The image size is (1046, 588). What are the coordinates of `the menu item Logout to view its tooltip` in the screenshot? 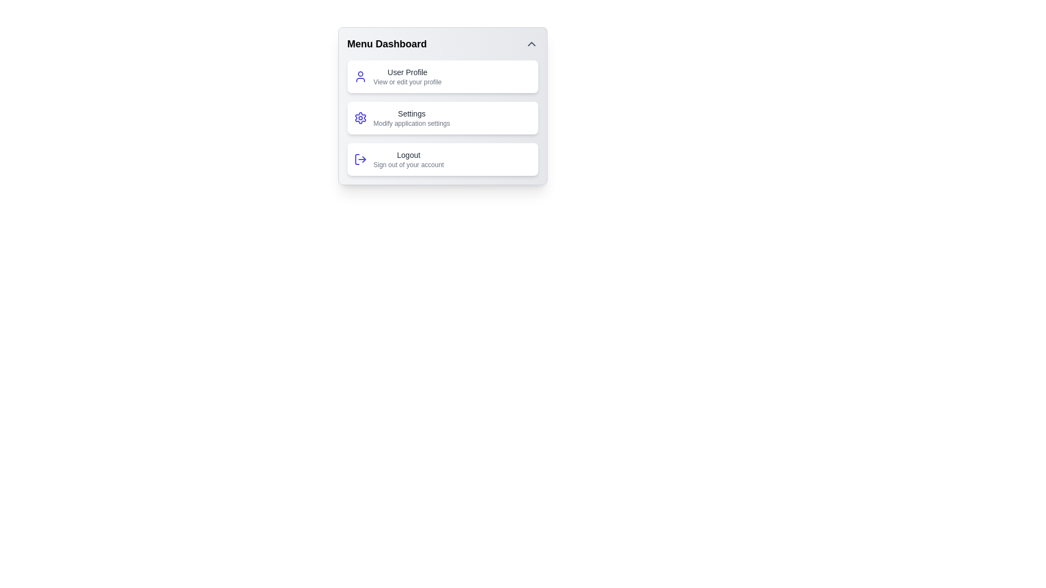 It's located at (442, 160).